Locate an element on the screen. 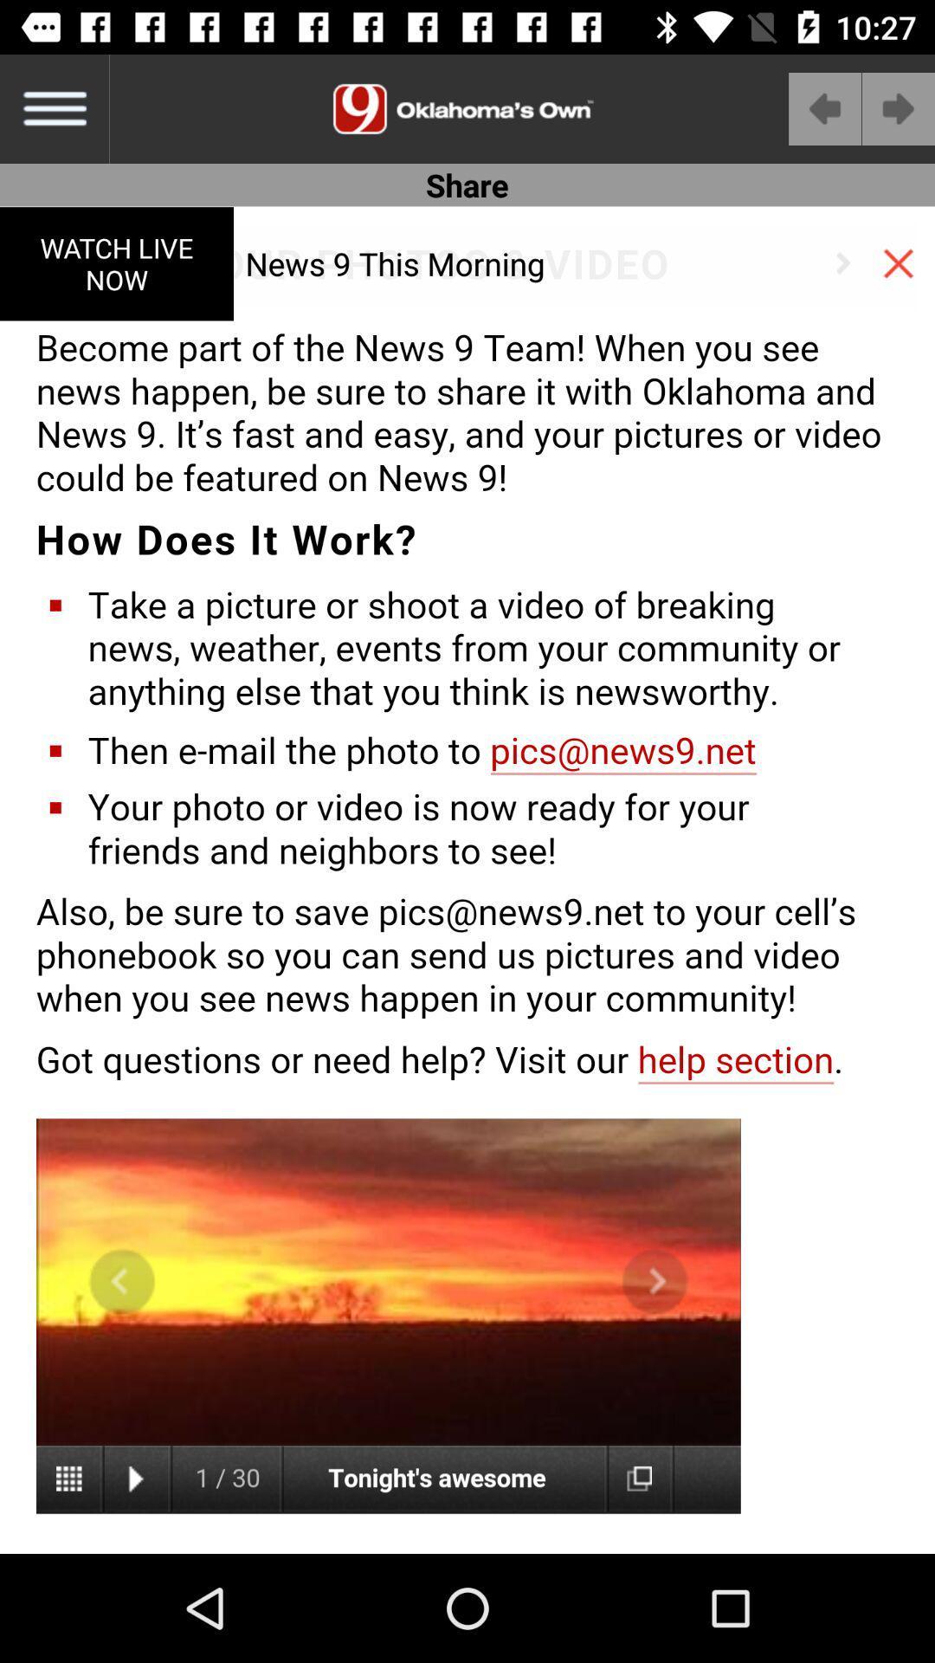 Image resolution: width=935 pixels, height=1663 pixels. the menu icon is located at coordinates (53, 107).